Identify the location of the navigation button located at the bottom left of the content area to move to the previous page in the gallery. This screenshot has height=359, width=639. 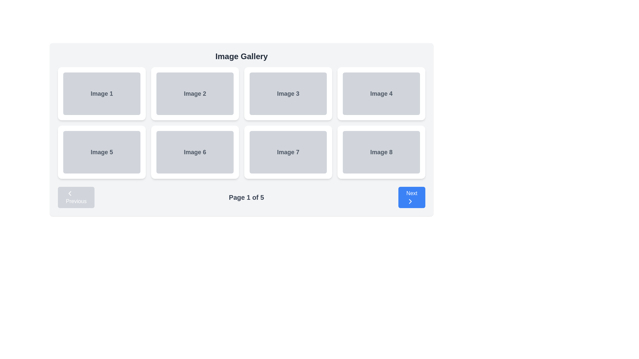
(76, 197).